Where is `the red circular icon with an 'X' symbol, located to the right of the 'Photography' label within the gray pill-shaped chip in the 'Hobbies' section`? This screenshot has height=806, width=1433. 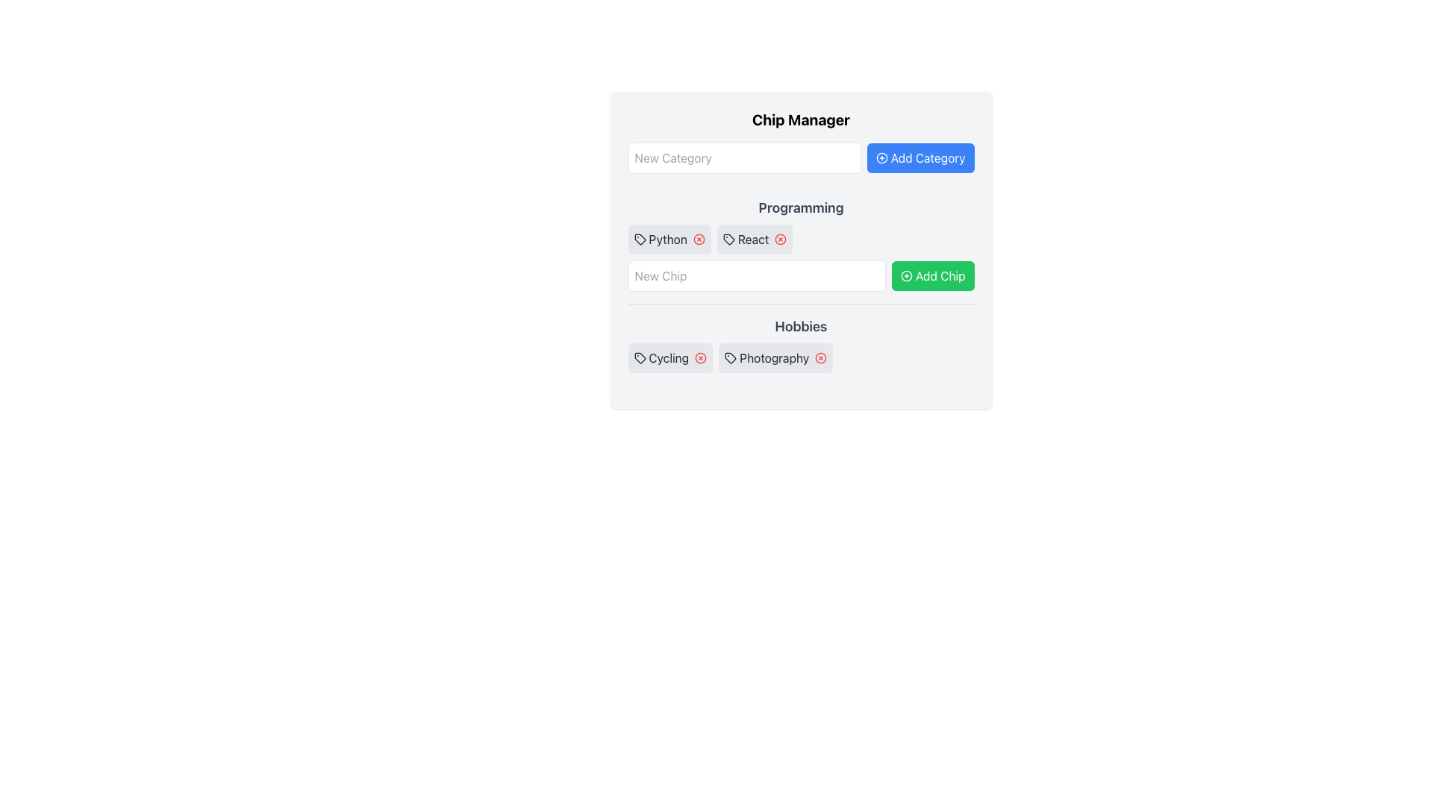
the red circular icon with an 'X' symbol, located to the right of the 'Photography' label within the gray pill-shaped chip in the 'Hobbies' section is located at coordinates (817, 357).